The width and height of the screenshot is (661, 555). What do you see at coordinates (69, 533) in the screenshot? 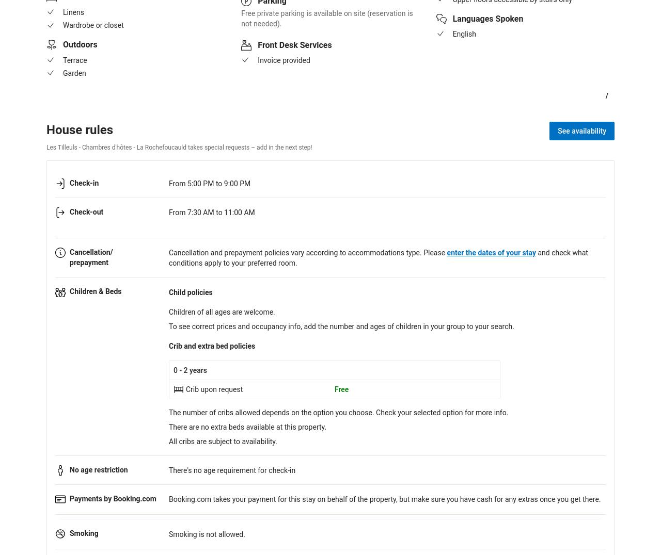
I see `'Smoking'` at bounding box center [69, 533].